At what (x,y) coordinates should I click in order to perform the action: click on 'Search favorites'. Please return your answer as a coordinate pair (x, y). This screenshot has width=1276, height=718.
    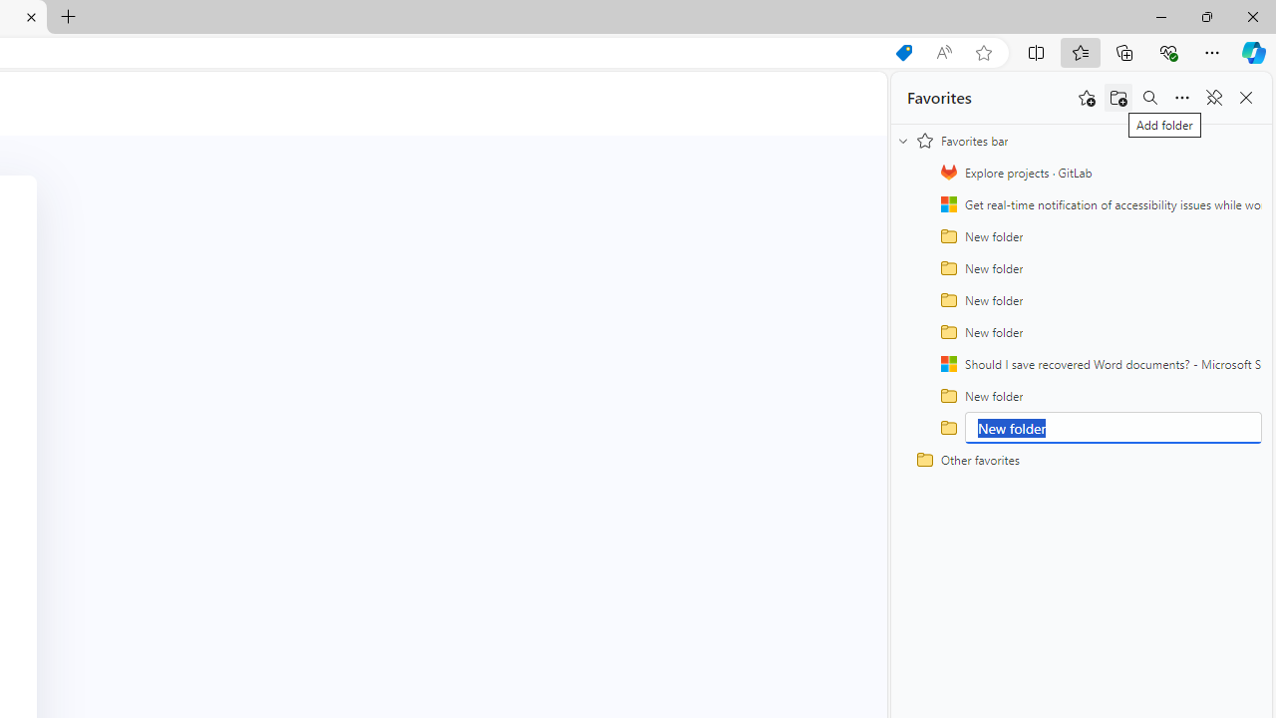
    Looking at the image, I should click on (1149, 98).